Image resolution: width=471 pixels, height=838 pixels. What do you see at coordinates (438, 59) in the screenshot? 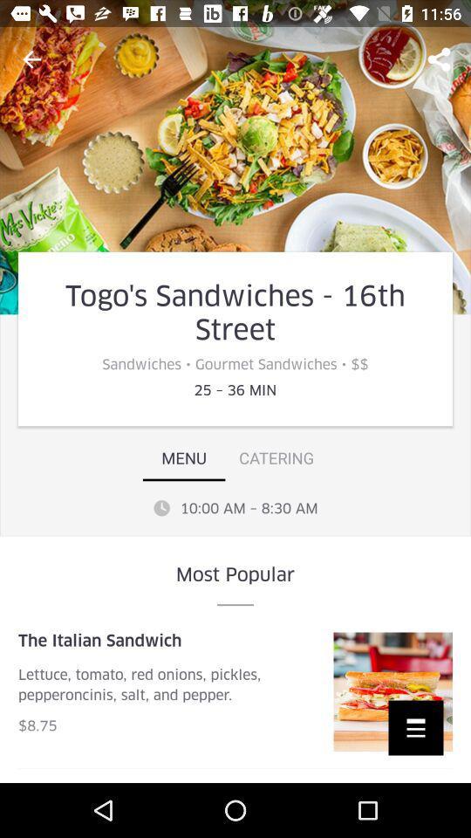
I see `the share icon` at bounding box center [438, 59].